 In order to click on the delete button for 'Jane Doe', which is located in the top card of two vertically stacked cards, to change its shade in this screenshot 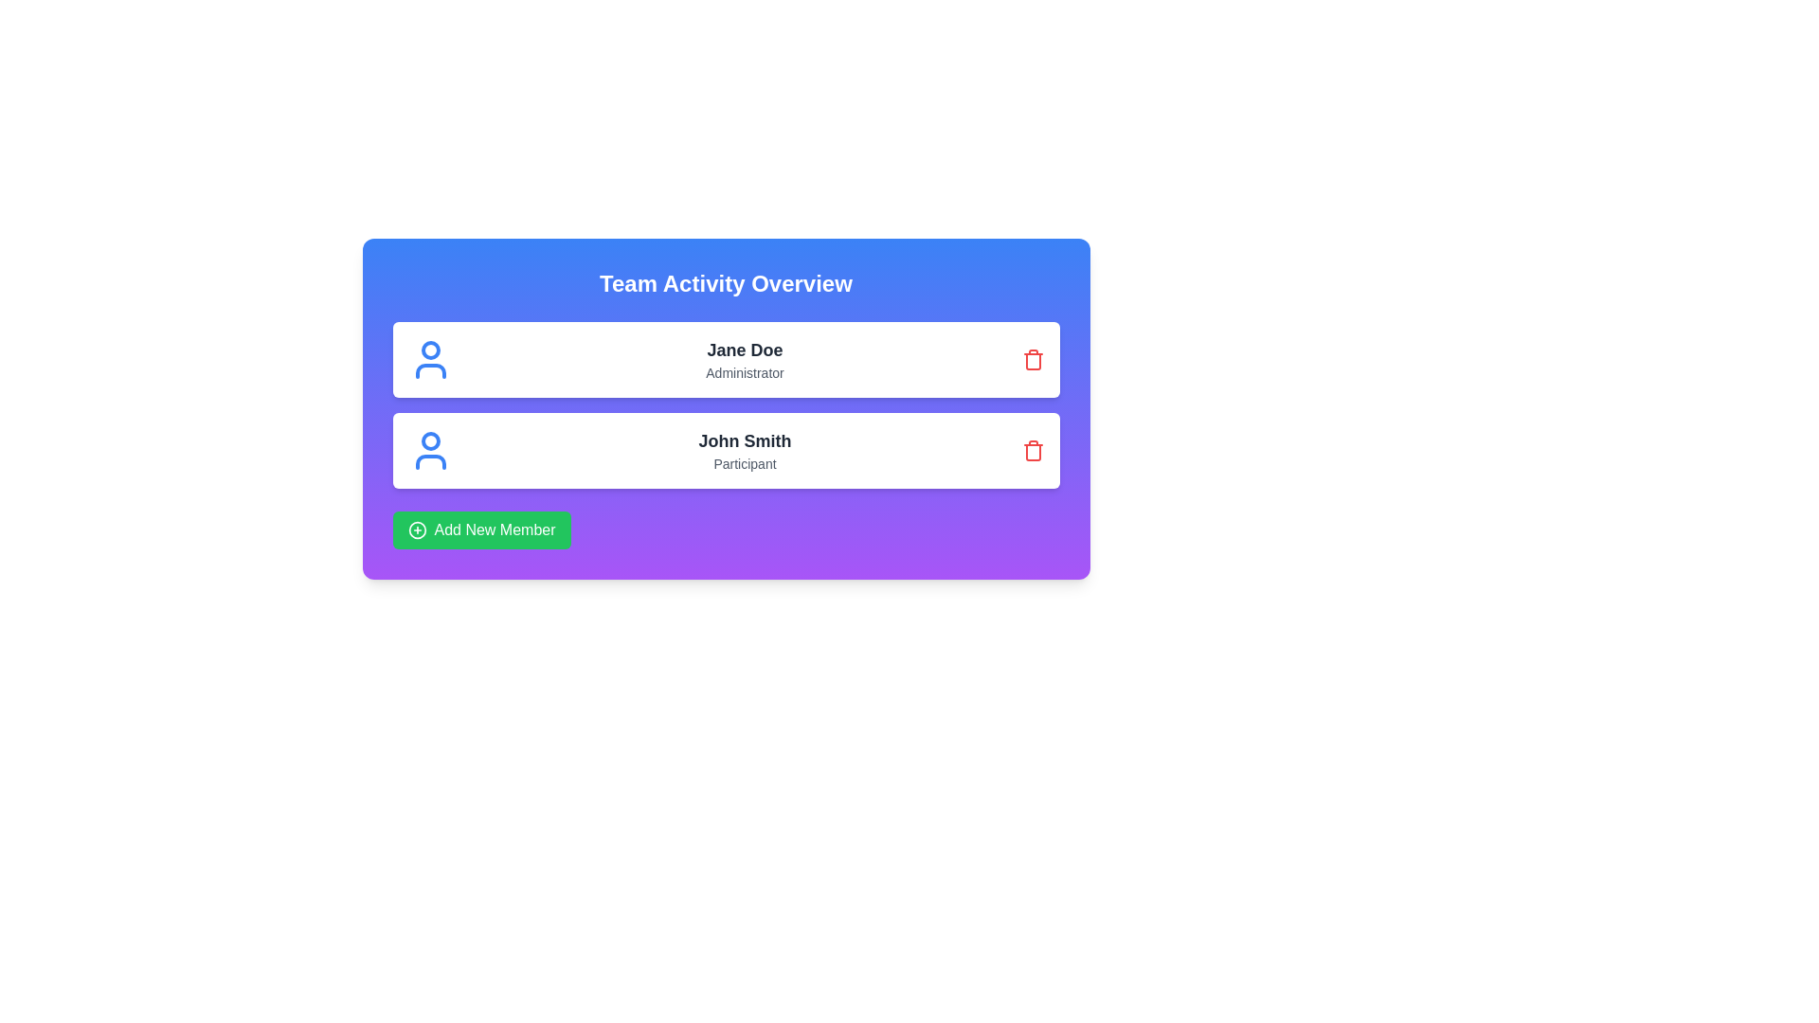, I will do `click(1032, 360)`.